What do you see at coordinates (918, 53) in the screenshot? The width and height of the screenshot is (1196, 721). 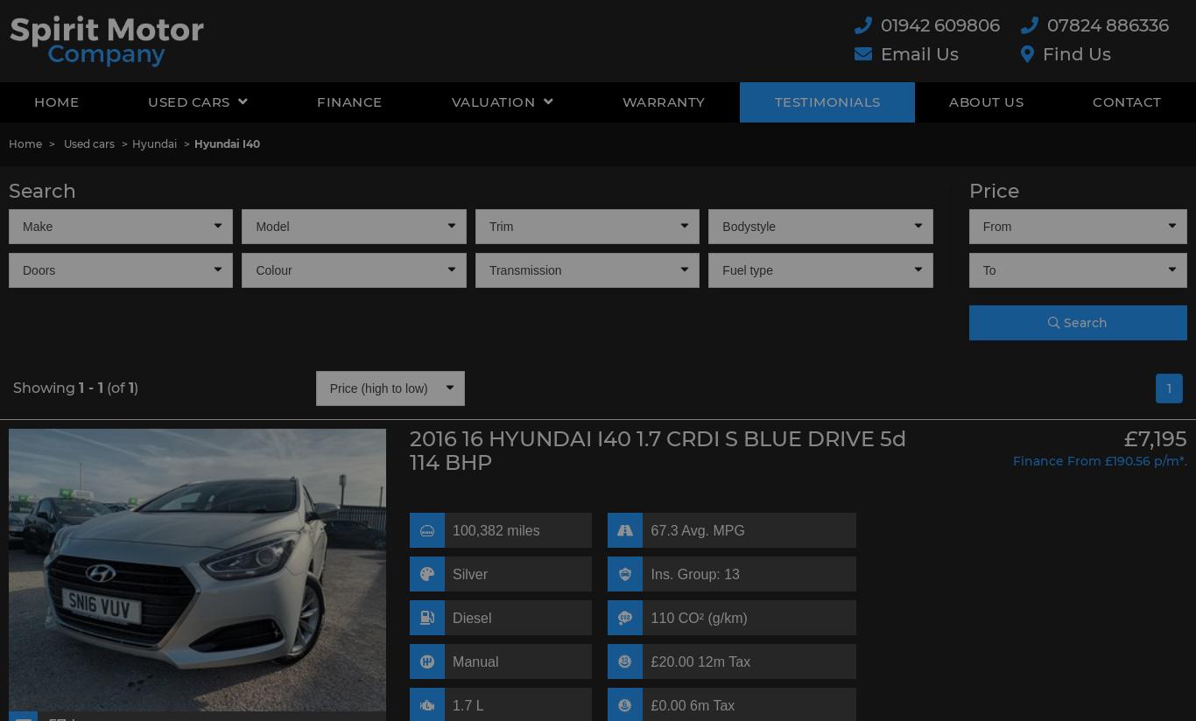 I see `'Email Us'` at bounding box center [918, 53].